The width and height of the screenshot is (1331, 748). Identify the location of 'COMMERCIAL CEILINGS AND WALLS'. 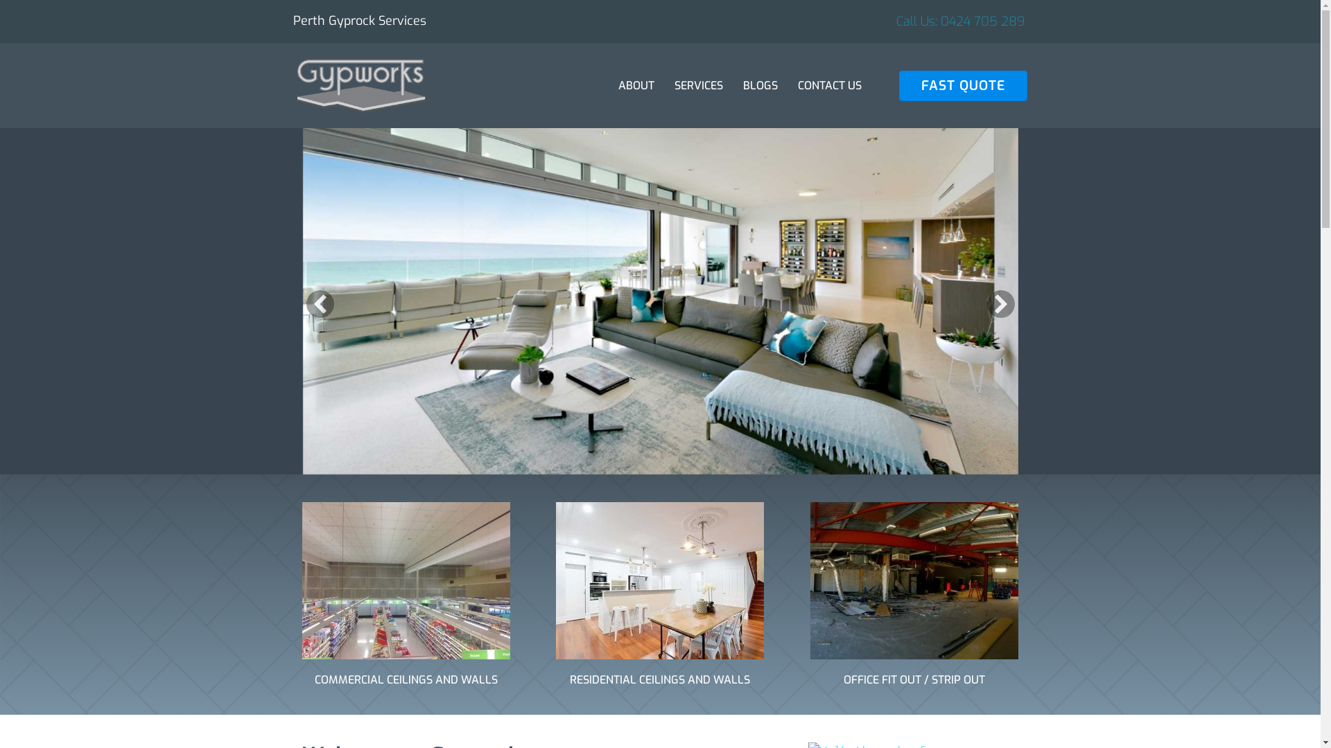
(405, 679).